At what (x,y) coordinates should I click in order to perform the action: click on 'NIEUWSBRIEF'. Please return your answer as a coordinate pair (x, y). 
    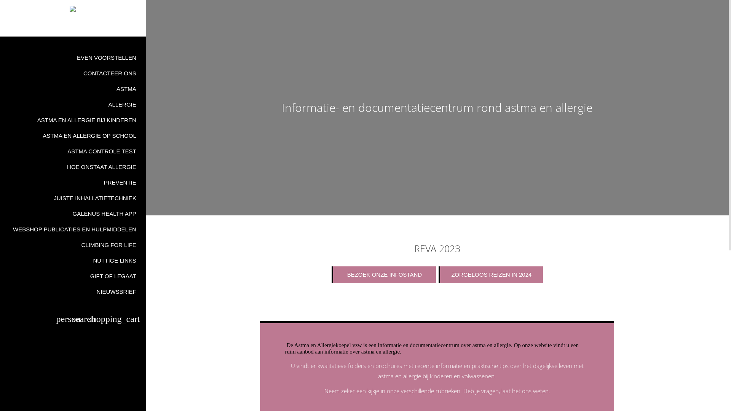
    Looking at the image, I should click on (73, 291).